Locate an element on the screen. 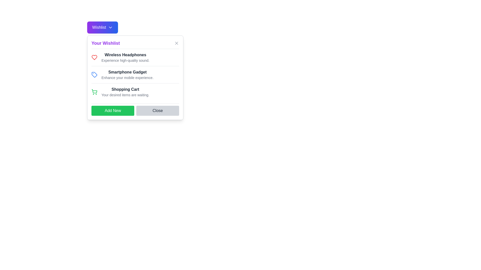 This screenshot has height=270, width=481. the functionalities of adjacent components related to the product description displayed in the wishlist, located inside the card layout under 'Your Wishlist', positioned below the heart icon is located at coordinates (125, 57).